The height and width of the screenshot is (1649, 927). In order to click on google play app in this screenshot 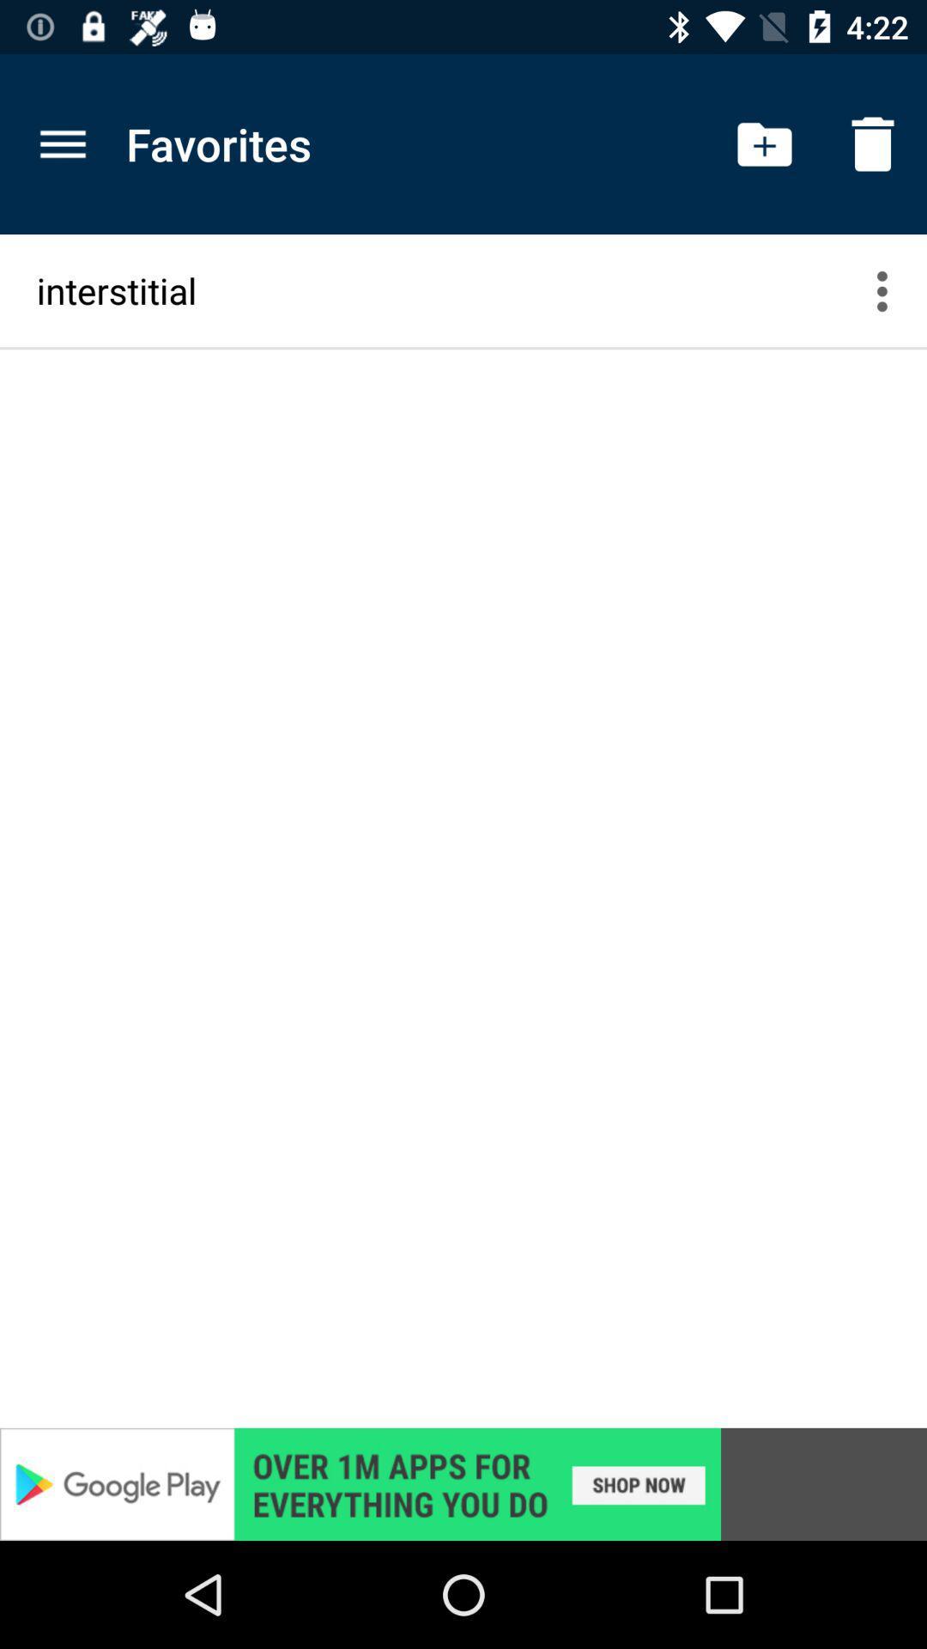, I will do `click(463, 1483)`.